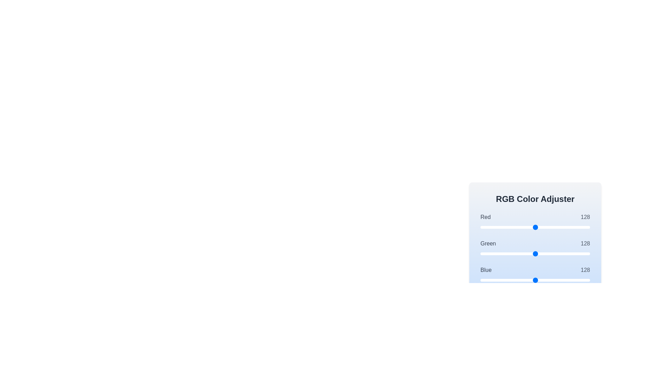 The width and height of the screenshot is (668, 376). What do you see at coordinates (534, 227) in the screenshot?
I see `the red slider to 126 by dragging or clicking on the slider` at bounding box center [534, 227].